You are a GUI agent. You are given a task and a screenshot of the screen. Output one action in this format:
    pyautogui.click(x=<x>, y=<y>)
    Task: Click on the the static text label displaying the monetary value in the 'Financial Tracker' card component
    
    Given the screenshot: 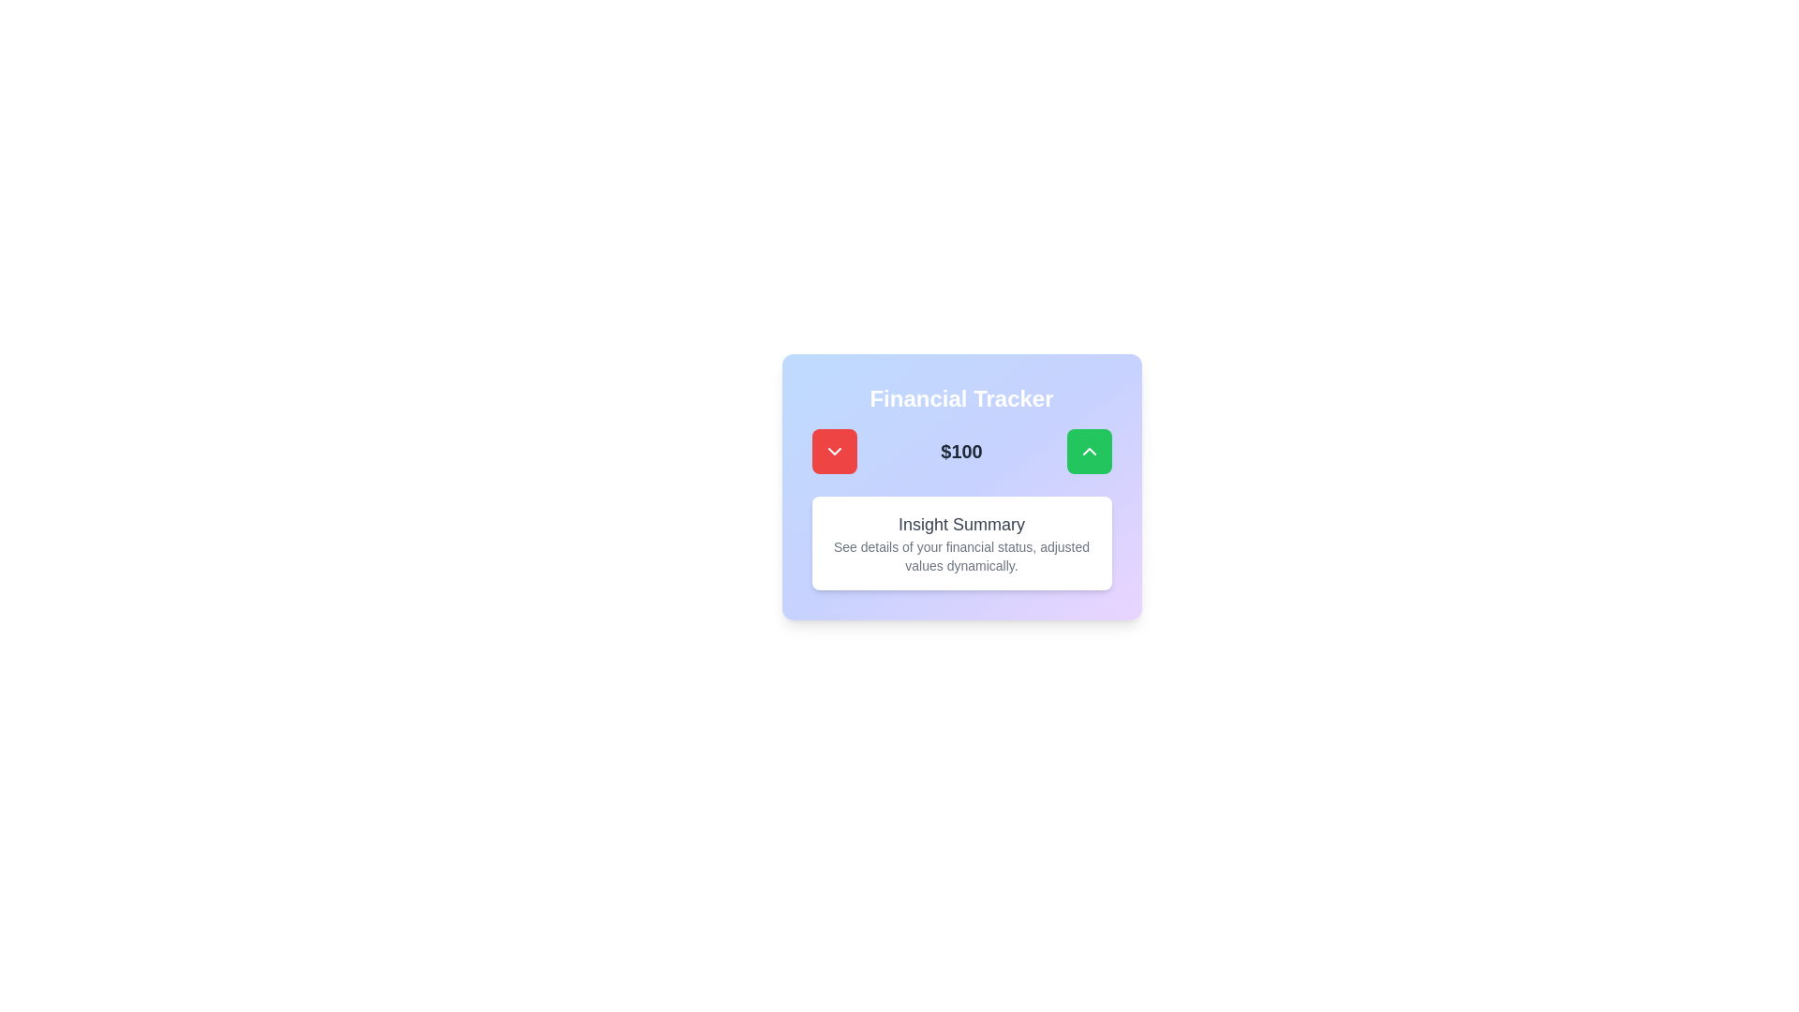 What is the action you would take?
    pyautogui.click(x=961, y=452)
    